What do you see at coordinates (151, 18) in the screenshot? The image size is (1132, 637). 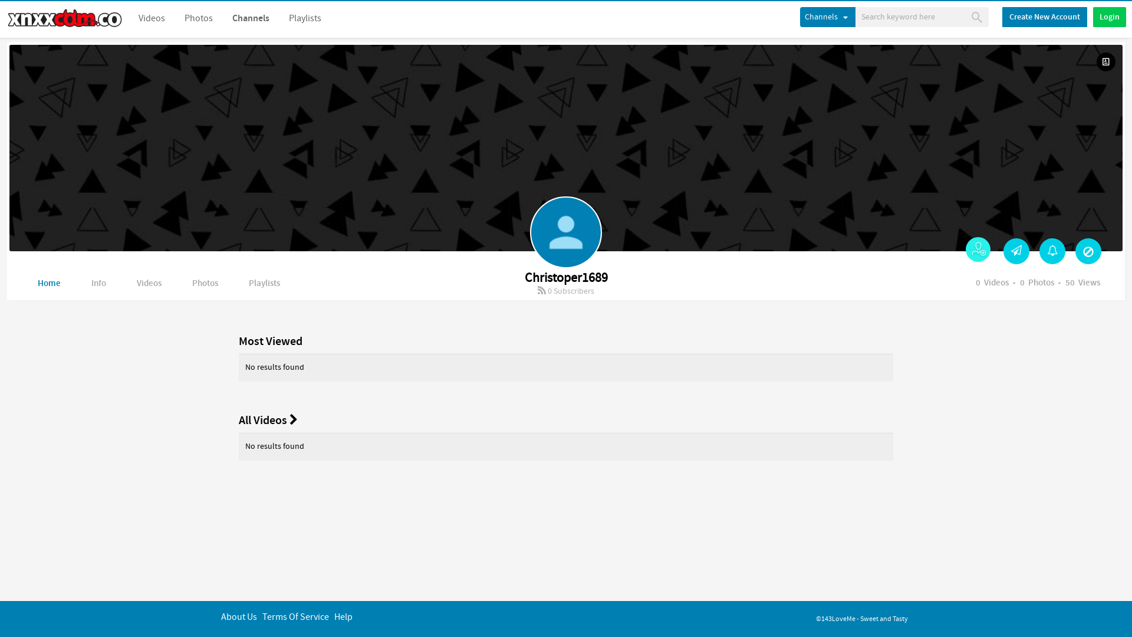 I see `'Videos'` at bounding box center [151, 18].